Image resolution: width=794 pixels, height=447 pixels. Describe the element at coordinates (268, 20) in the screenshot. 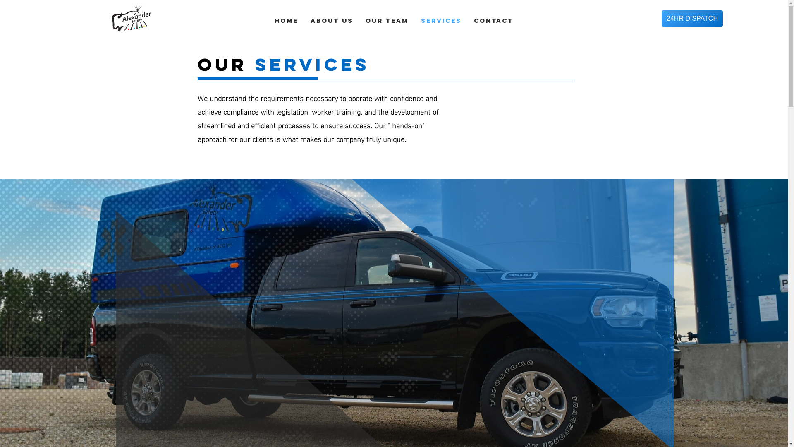

I see `'HOME'` at that location.